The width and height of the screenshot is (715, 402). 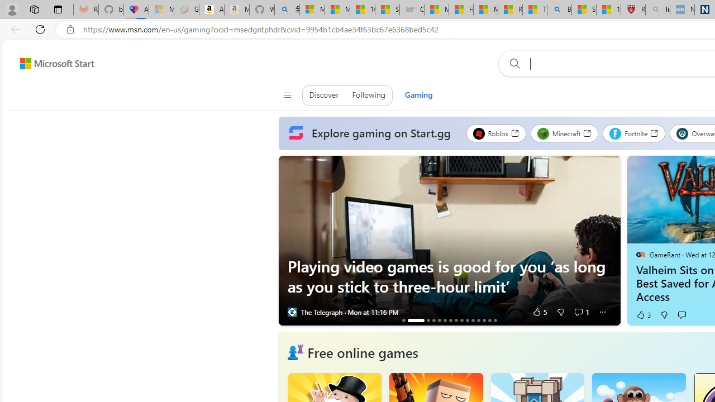 What do you see at coordinates (512, 63) in the screenshot?
I see `'Web search'` at bounding box center [512, 63].